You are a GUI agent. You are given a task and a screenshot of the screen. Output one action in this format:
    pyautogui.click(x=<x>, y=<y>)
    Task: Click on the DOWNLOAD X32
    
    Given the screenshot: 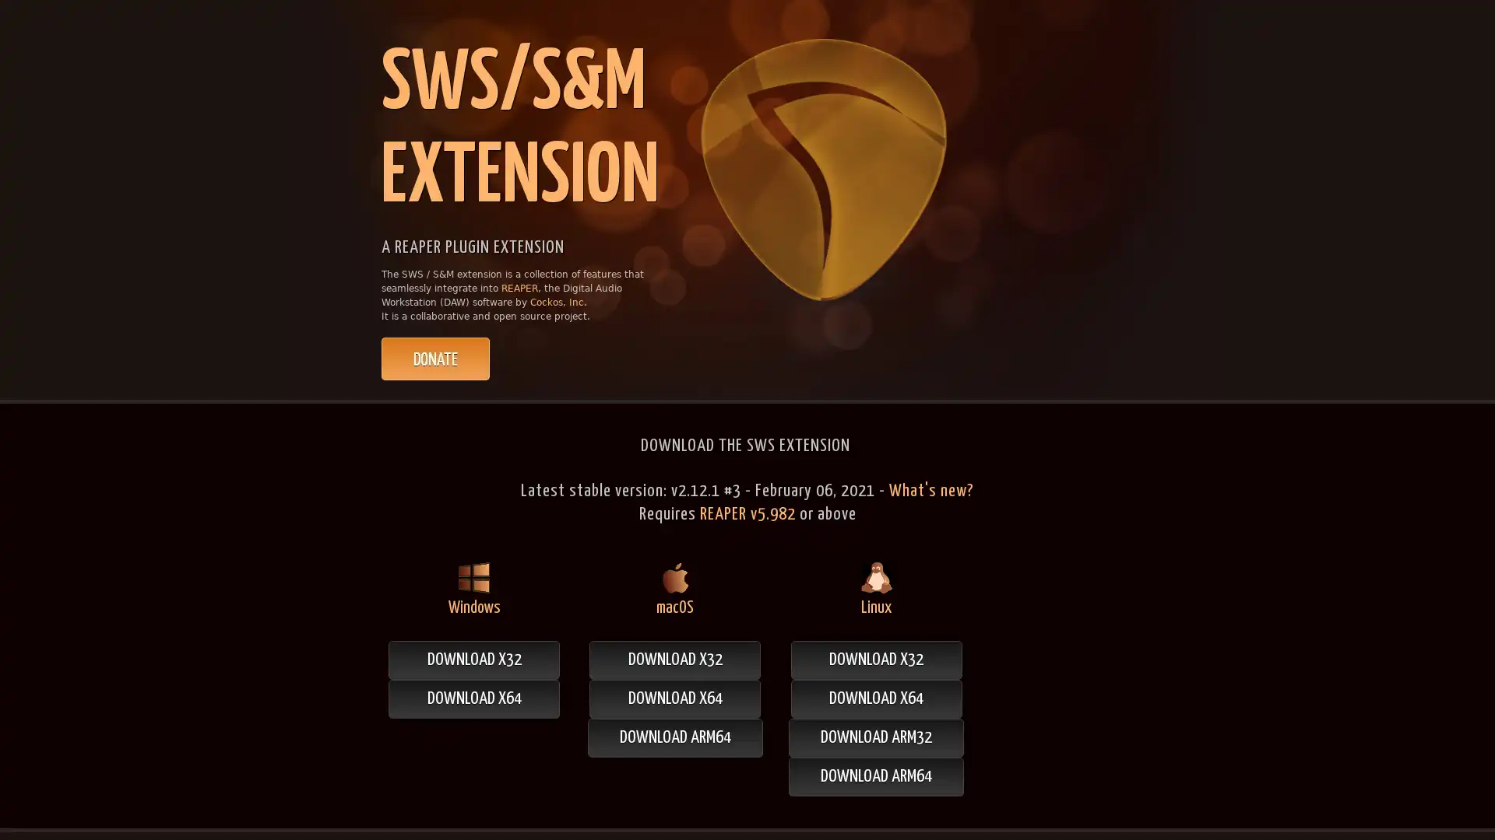 What is the action you would take?
    pyautogui.click(x=997, y=660)
    